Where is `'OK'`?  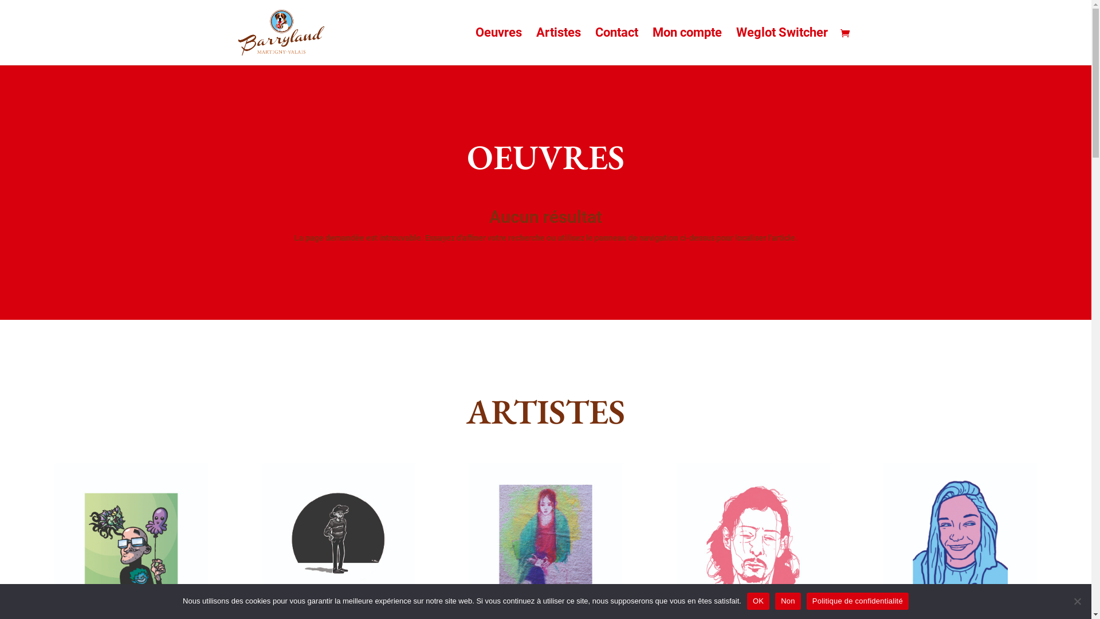
'OK' is located at coordinates (747, 601).